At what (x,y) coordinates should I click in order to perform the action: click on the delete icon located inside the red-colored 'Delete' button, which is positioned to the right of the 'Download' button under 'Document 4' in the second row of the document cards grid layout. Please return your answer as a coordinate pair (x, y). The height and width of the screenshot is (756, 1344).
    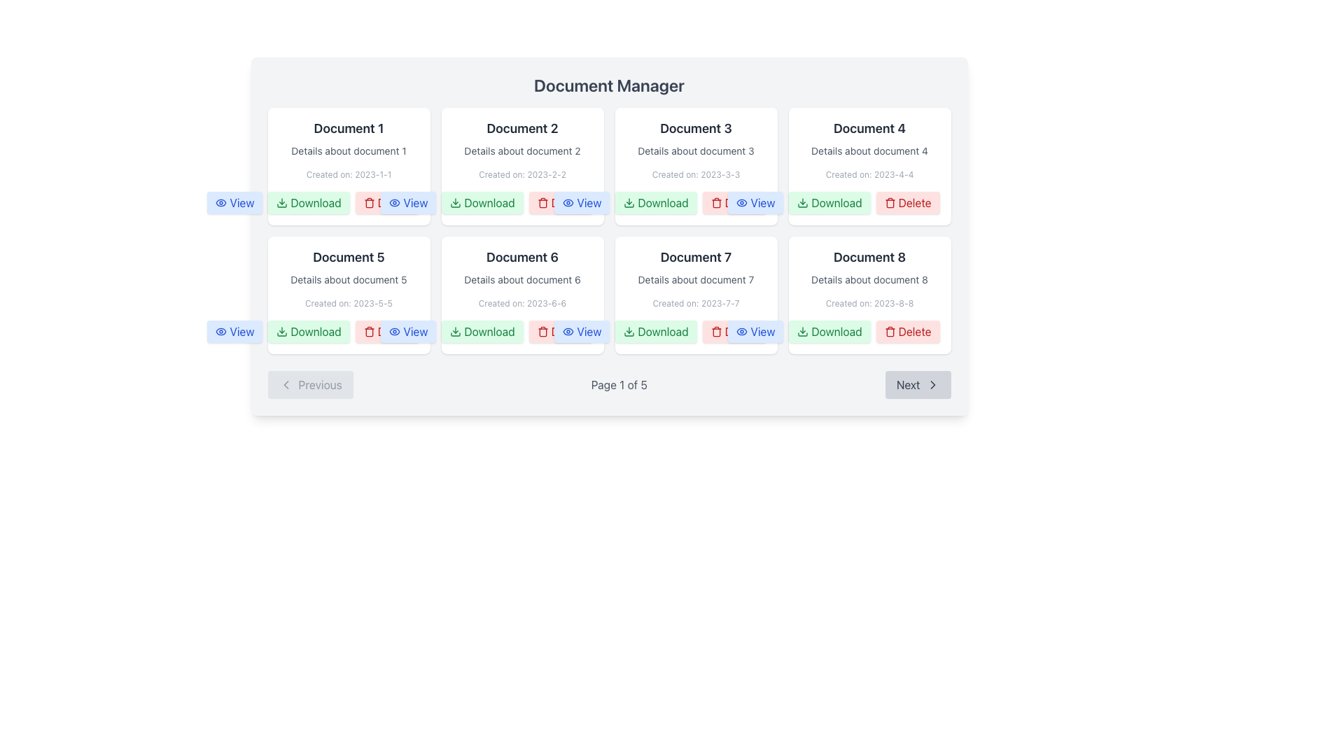
    Looking at the image, I should click on (889, 202).